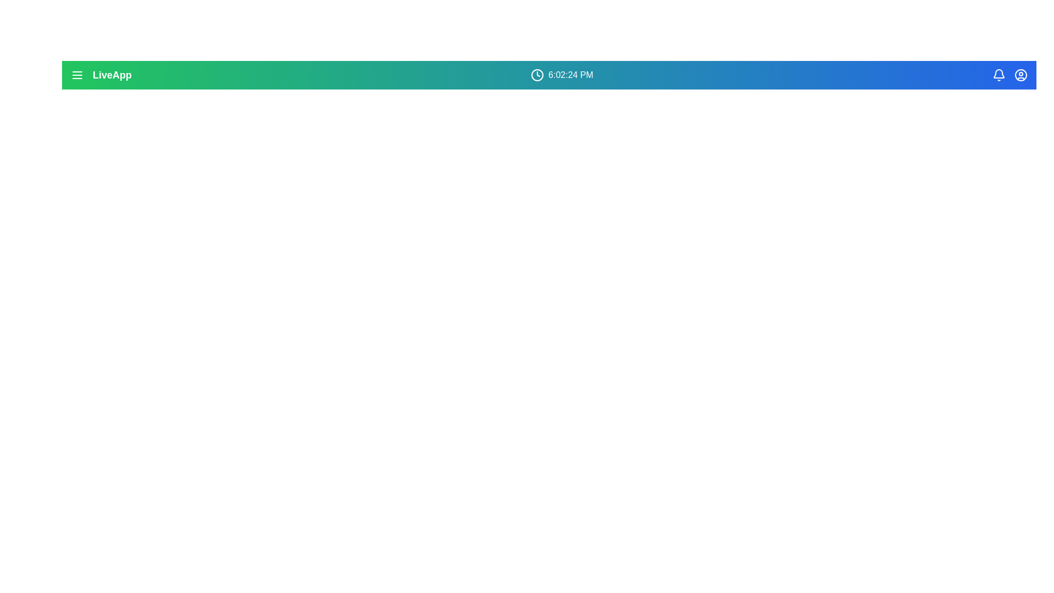  Describe the element at coordinates (999, 75) in the screenshot. I see `the bell icon to view notifications` at that location.